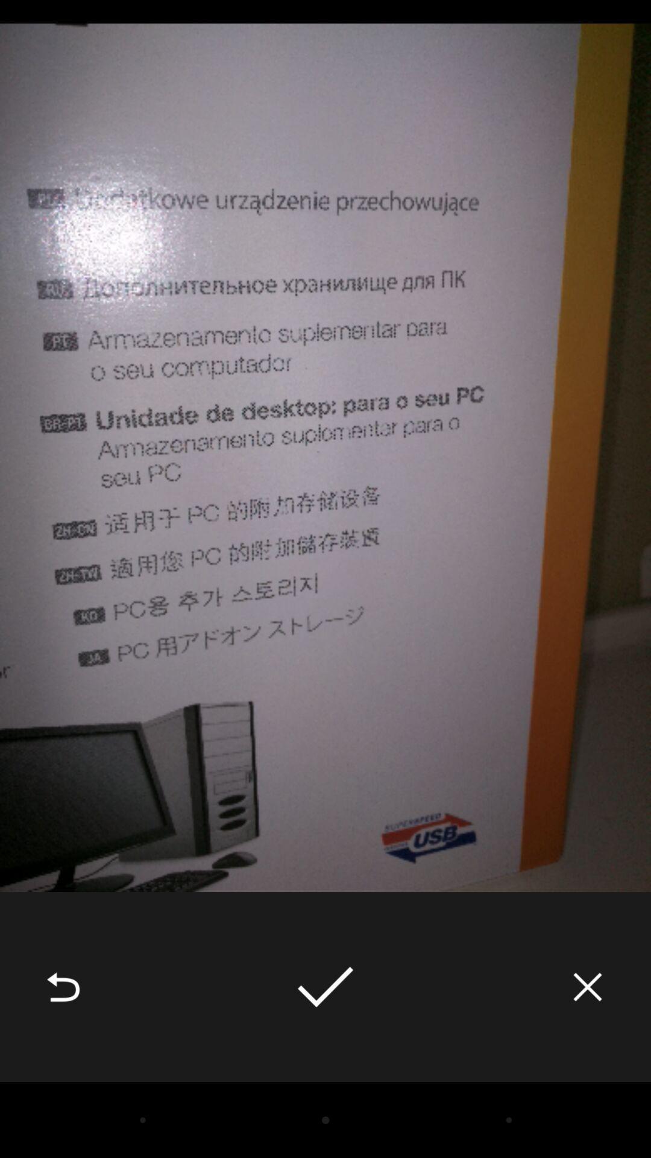 The height and width of the screenshot is (1158, 651). I want to click on the item at the bottom right corner, so click(587, 987).